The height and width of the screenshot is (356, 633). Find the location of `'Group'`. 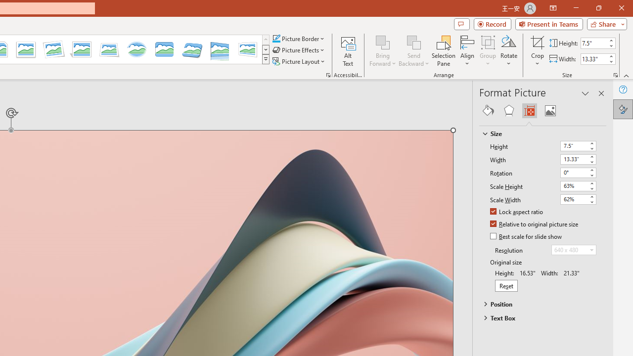

'Group' is located at coordinates (488, 51).